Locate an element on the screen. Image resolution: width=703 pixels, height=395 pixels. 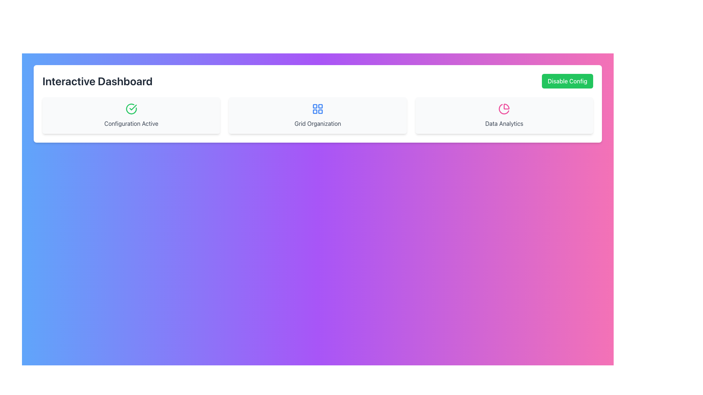
the first segment of the pie chart icon in the 'Data Analytics' card, which represents a slice in a pie chart for data analysis is located at coordinates (506, 106).